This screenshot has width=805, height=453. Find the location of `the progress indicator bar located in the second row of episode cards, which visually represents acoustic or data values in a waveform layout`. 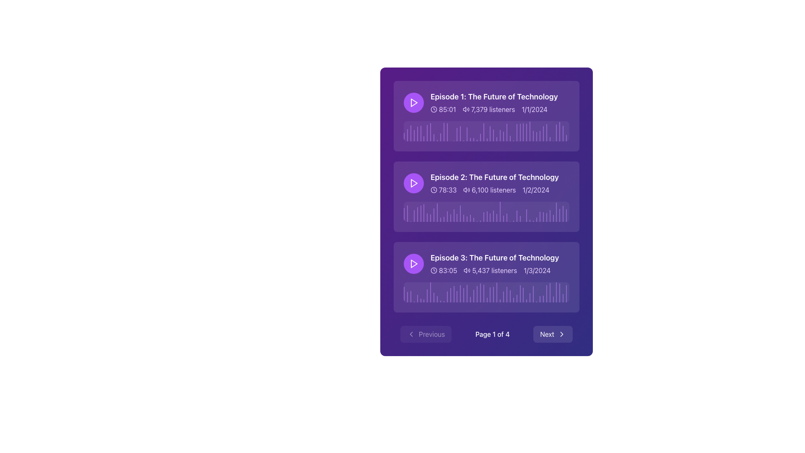

the progress indicator bar located in the second row of episode cards, which visually represents acoustic or data values in a waveform layout is located at coordinates (500, 135).